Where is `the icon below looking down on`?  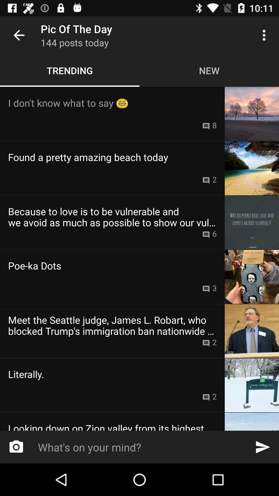
the icon below looking down on is located at coordinates (16, 447).